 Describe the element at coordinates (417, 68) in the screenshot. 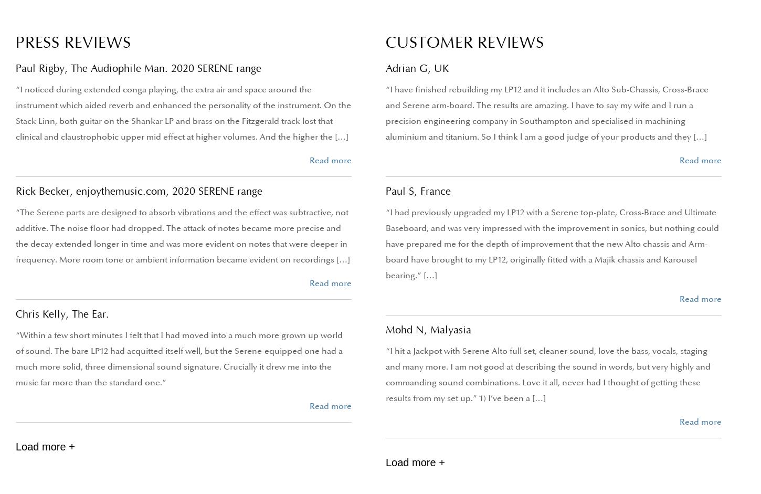

I see `'Adrian G, UK'` at that location.